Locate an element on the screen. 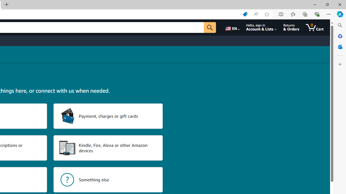  'Kindle, Fire, Alexa or other Amazon devices' is located at coordinates (108, 148).